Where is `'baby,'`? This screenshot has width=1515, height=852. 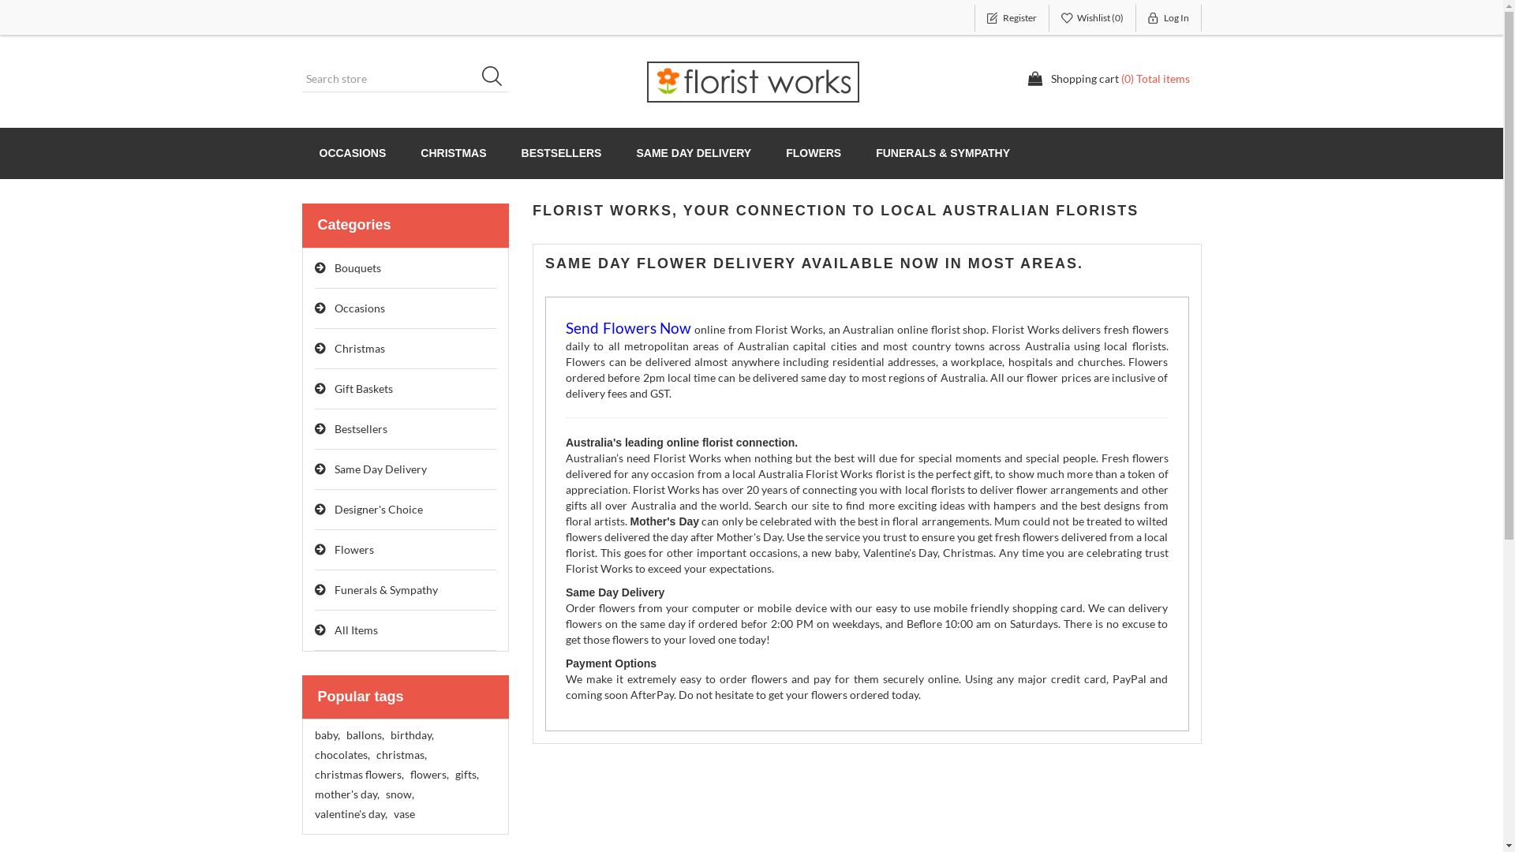
'baby,' is located at coordinates (325, 735).